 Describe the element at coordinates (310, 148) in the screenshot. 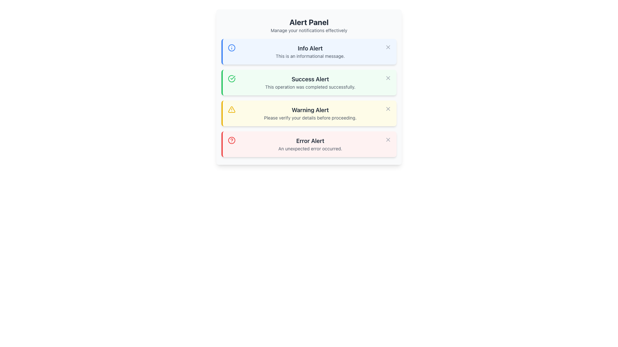

I see `the static text that informs users about an error, located at the bottom of the 'Error Alert' notification component, centered horizontally below the title 'Error Alert'` at that location.